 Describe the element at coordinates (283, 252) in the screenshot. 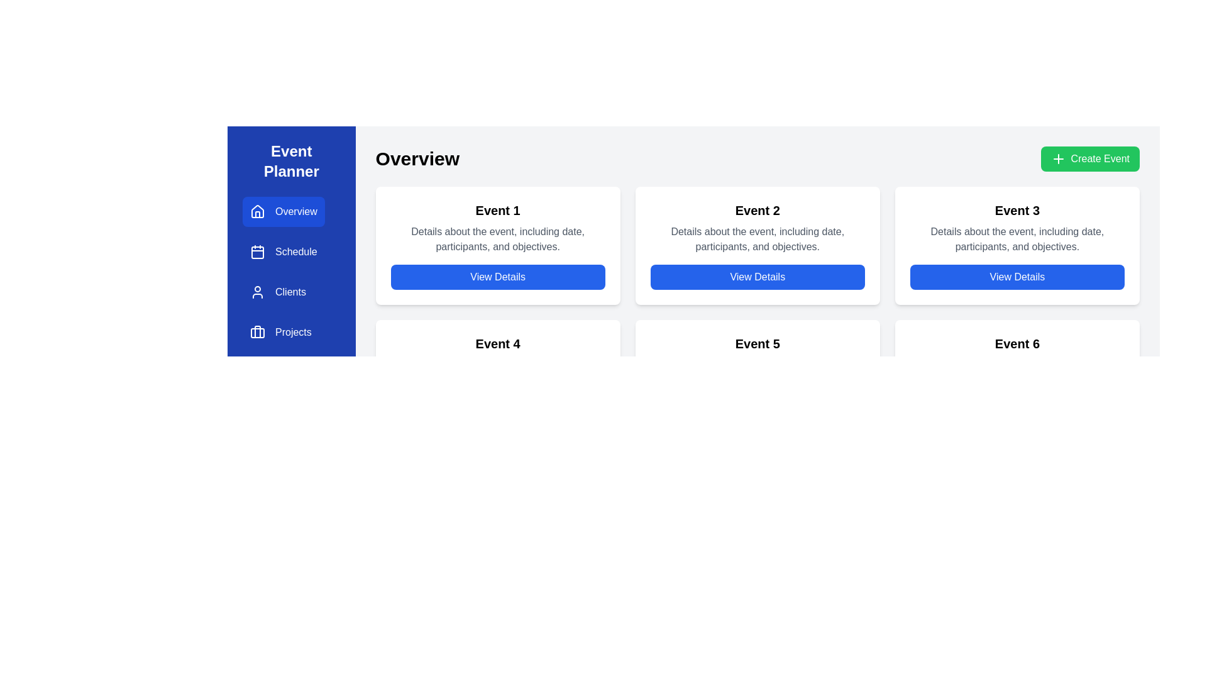

I see `the second navigation button in the vertical menu` at that location.